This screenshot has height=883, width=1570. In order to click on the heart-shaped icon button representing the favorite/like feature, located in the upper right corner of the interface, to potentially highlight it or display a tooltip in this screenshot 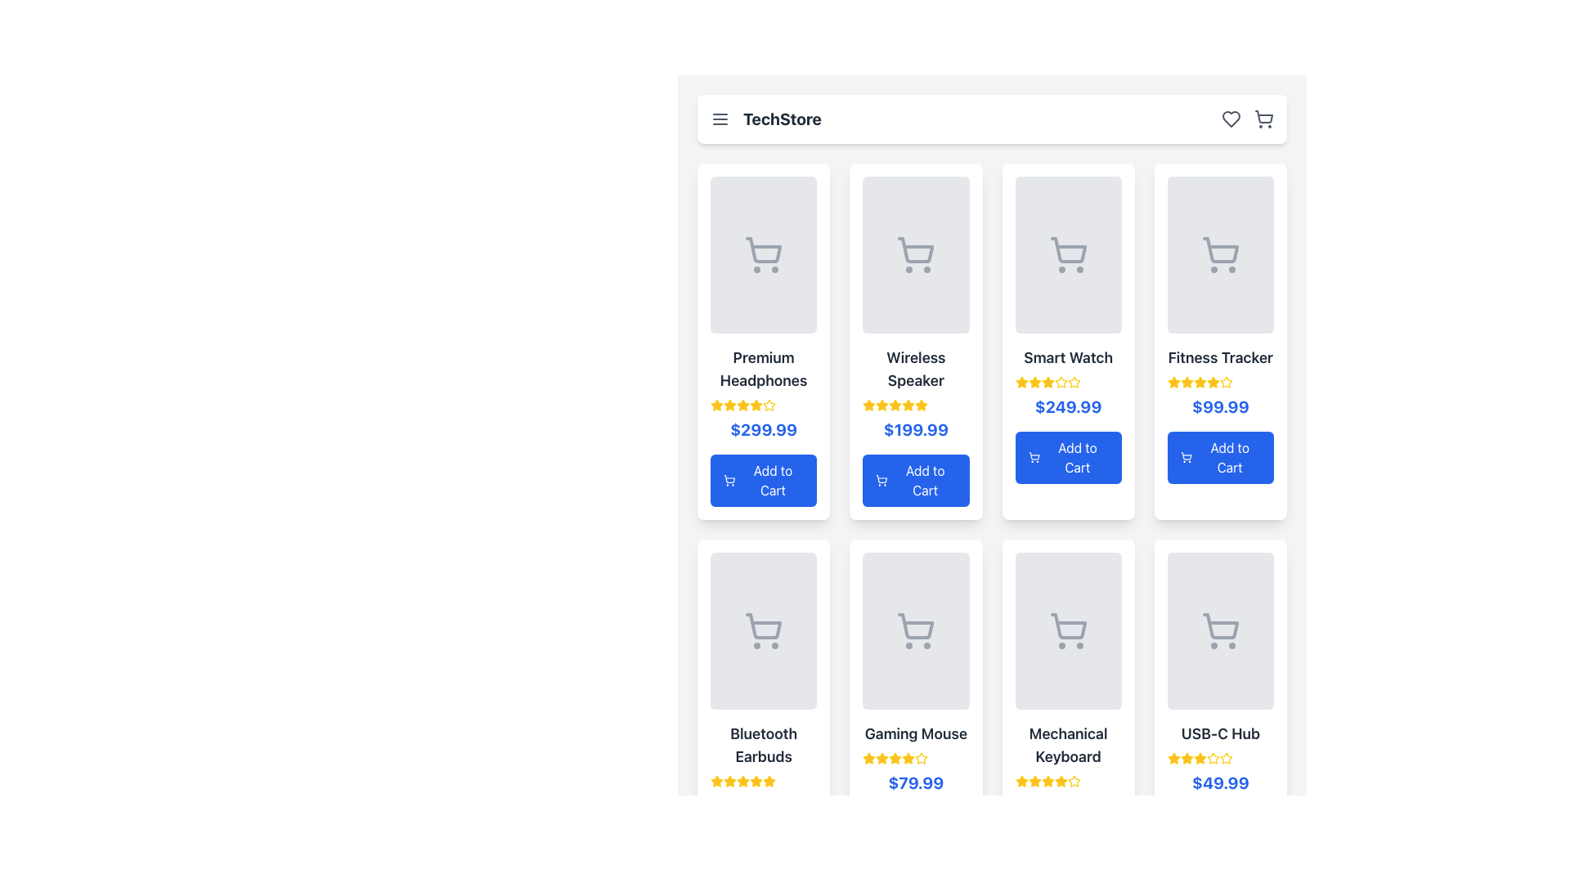, I will do `click(1231, 119)`.